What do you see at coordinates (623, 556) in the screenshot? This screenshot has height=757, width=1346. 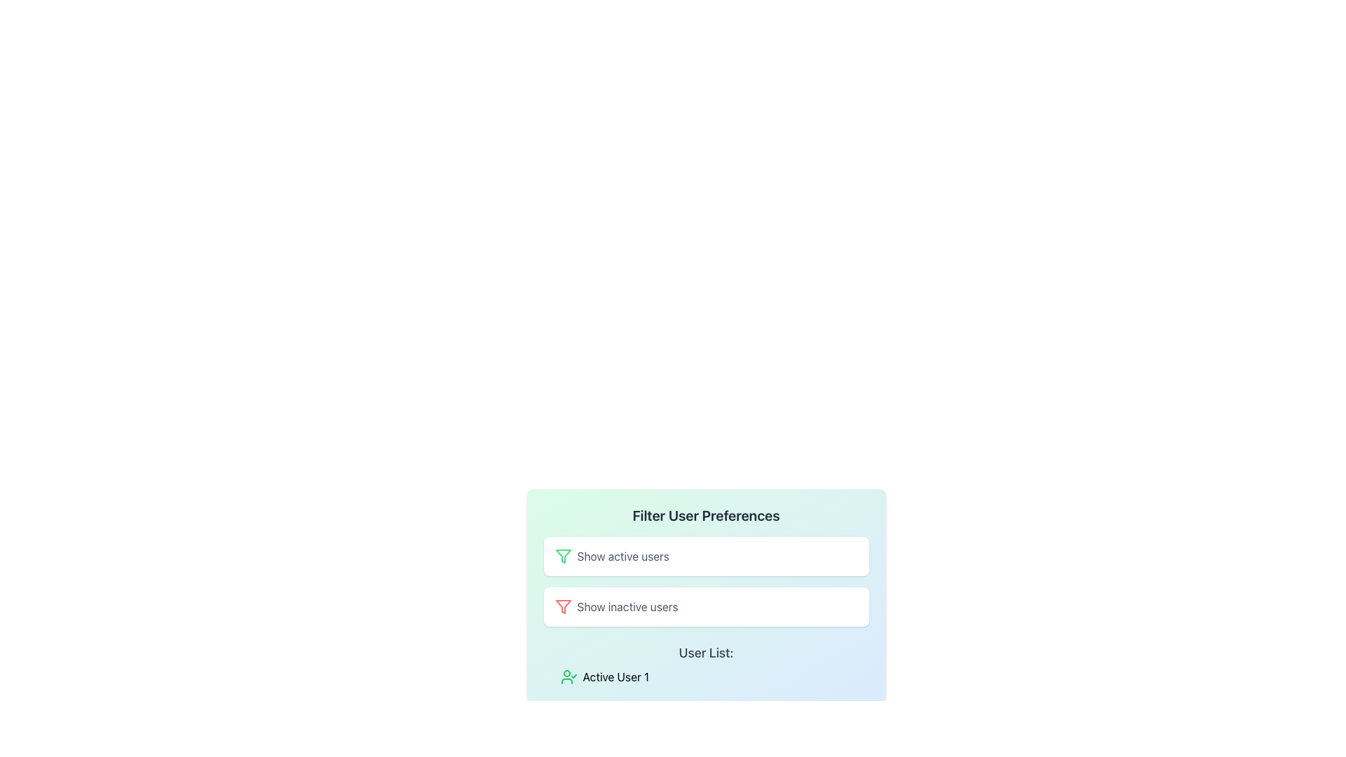 I see `descriptive label for the top filter option in the 'Filter User Preferences' panel, located above the 'Show inactive users' option` at bounding box center [623, 556].